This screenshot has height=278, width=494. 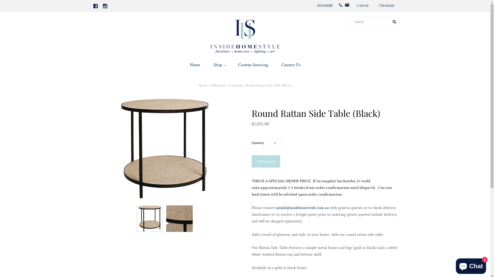 What do you see at coordinates (104, 6) in the screenshot?
I see `'Instagram'` at bounding box center [104, 6].